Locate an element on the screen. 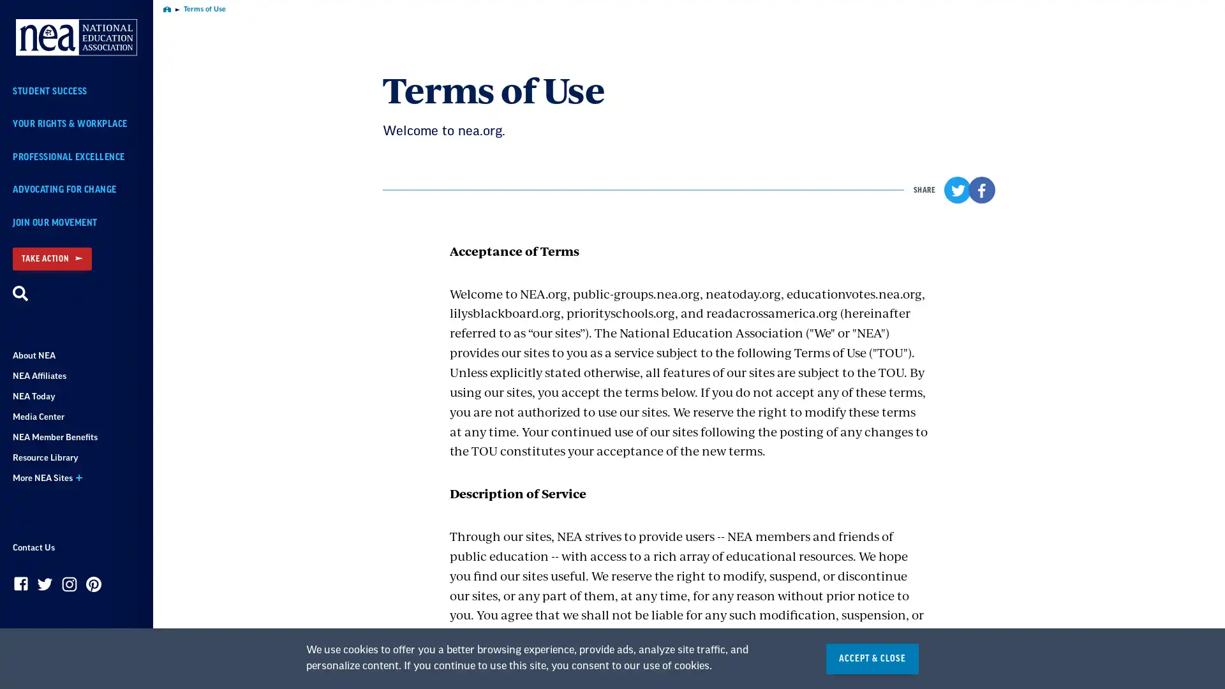  ACCEPT & CLOSE is located at coordinates (872, 658).